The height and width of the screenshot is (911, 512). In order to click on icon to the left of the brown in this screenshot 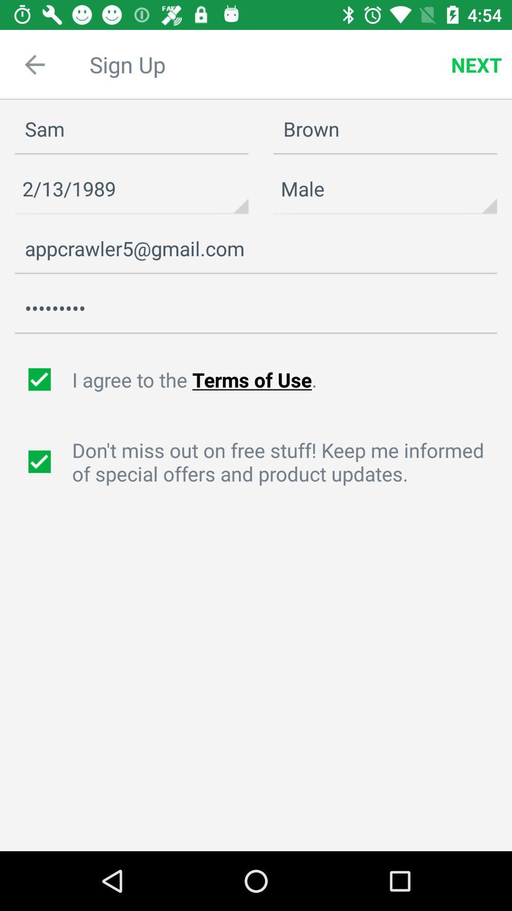, I will do `click(131, 129)`.